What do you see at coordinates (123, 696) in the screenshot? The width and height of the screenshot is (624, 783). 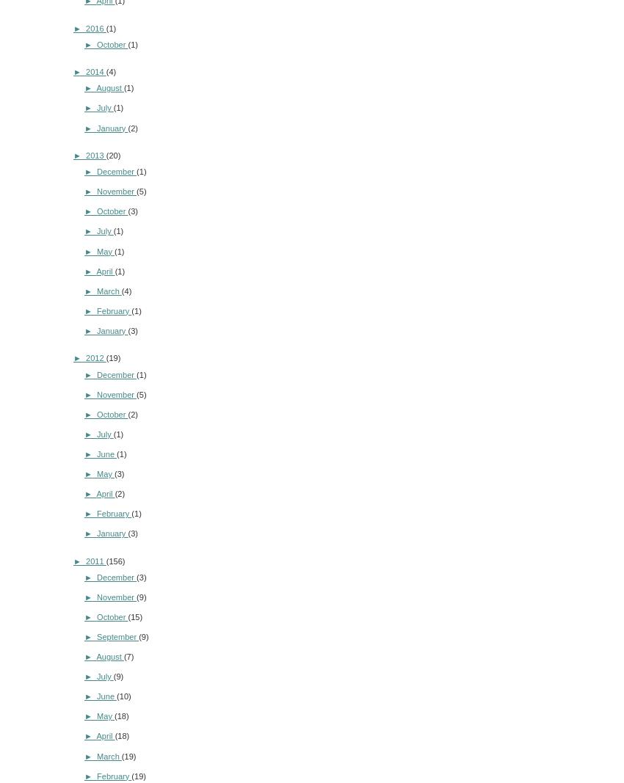 I see `'(10)'` at bounding box center [123, 696].